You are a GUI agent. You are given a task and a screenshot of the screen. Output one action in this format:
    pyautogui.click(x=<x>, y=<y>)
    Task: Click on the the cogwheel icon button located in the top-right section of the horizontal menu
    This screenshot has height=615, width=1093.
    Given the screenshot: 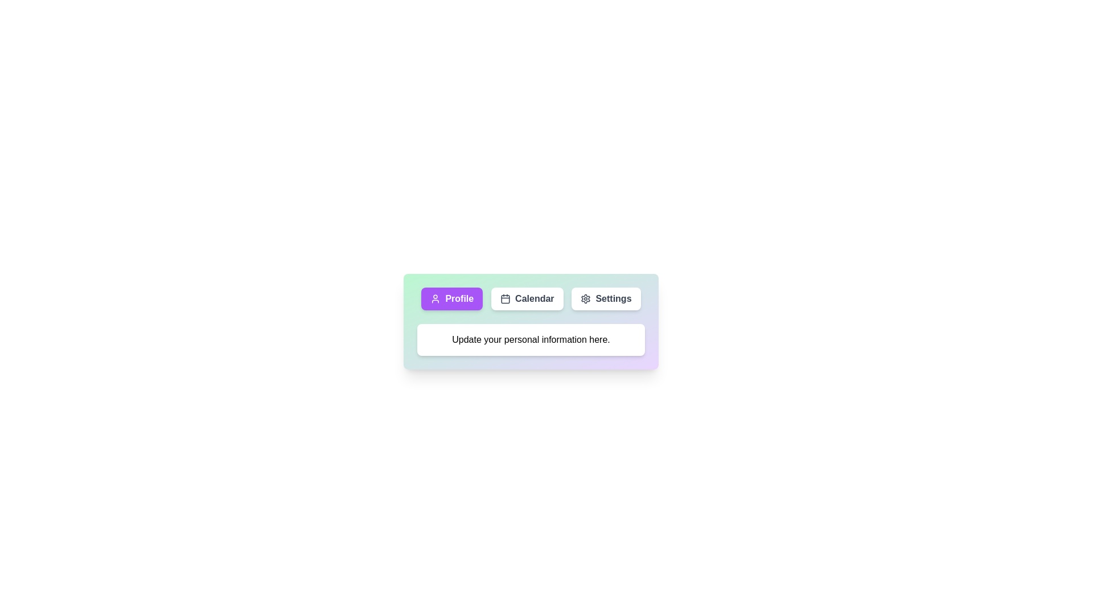 What is the action you would take?
    pyautogui.click(x=586, y=298)
    